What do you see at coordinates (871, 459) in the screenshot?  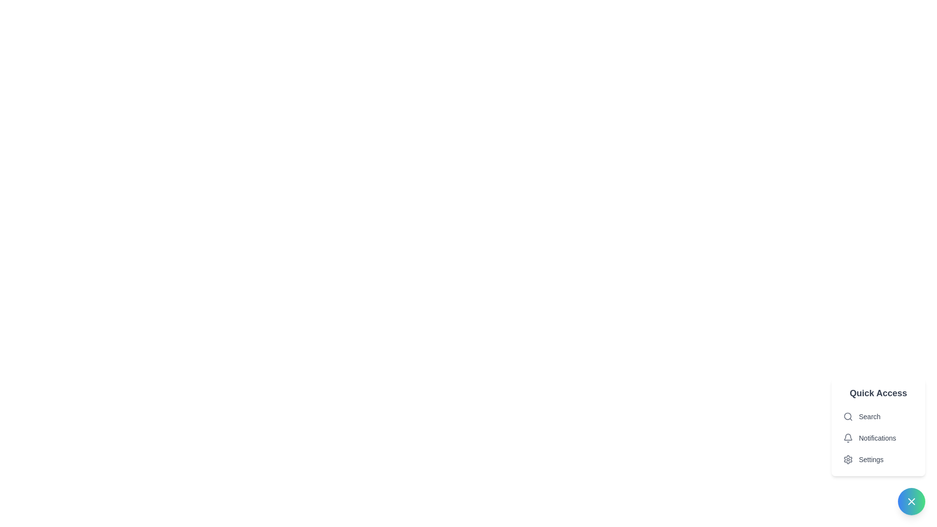 I see `the 'Settings' text label located in the menu beneath the 'Notifications' item` at bounding box center [871, 459].